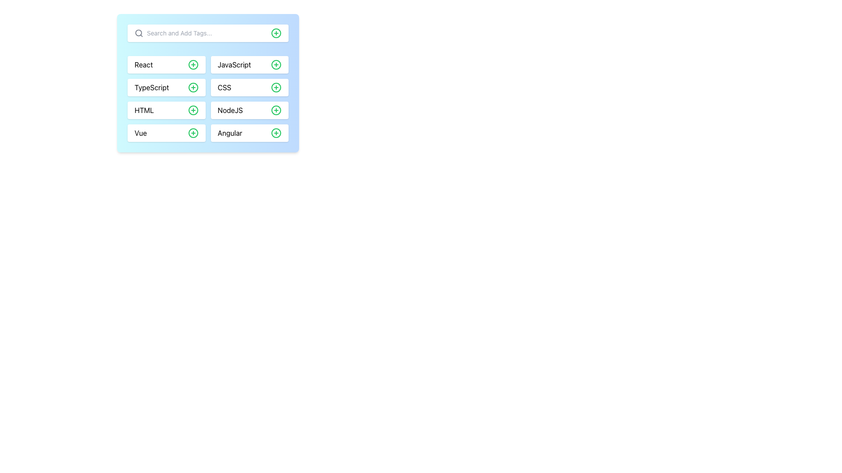 The image size is (842, 473). Describe the element at coordinates (193, 109) in the screenshot. I see `the central circle of the '+ Add' button next to the 'HTML' tag in the grid layout` at that location.